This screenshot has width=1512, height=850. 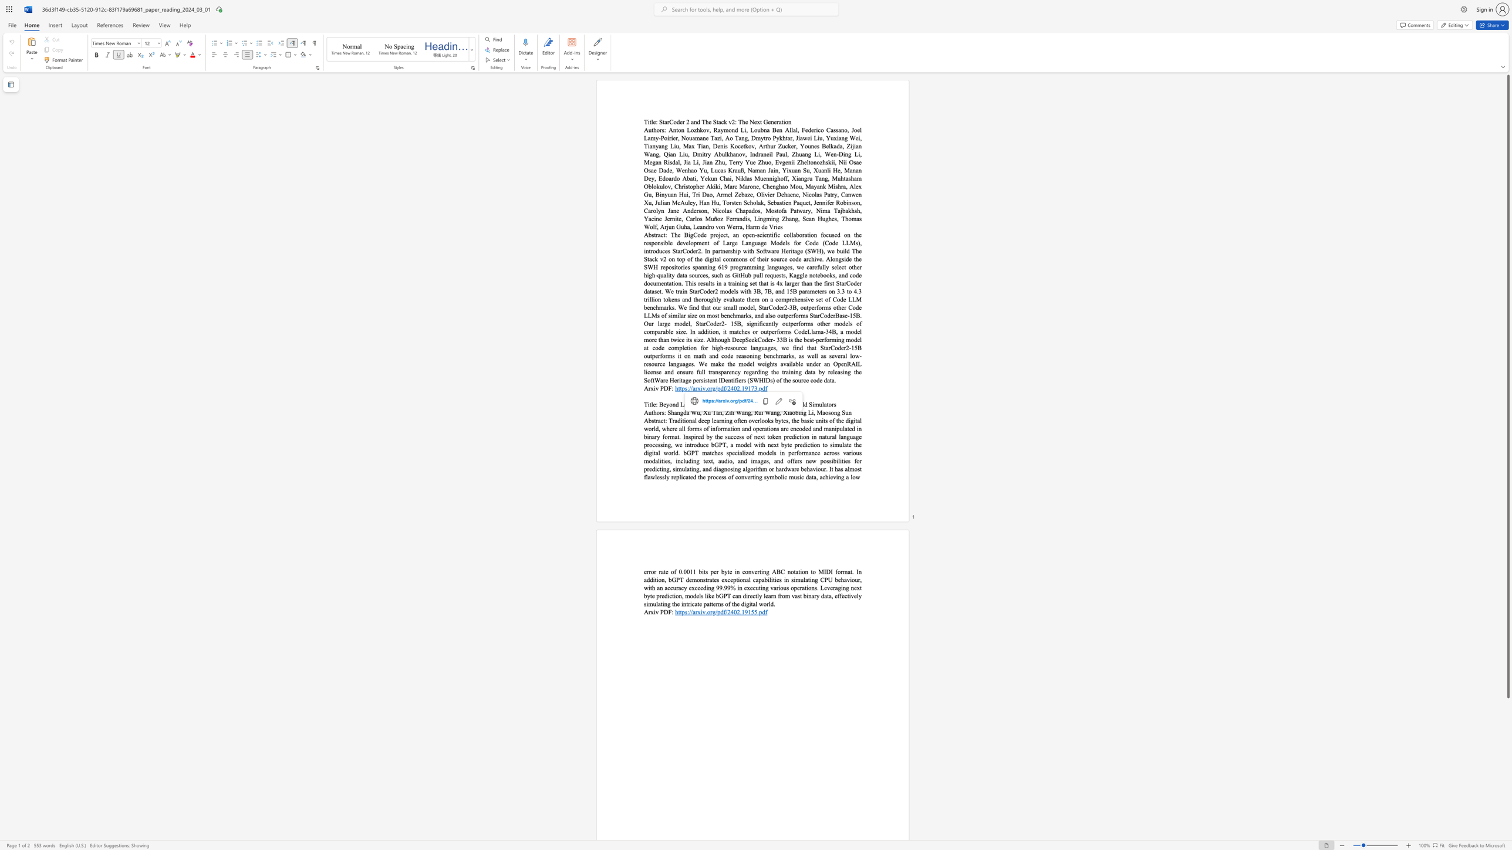 What do you see at coordinates (847, 412) in the screenshot?
I see `the 1th character "u" in the text` at bounding box center [847, 412].